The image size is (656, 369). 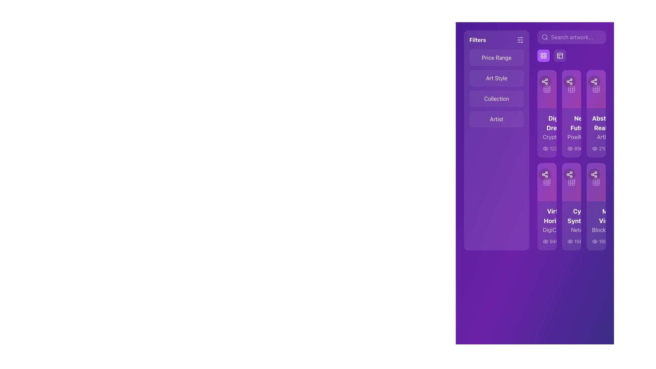 I want to click on numeric label displaying '1567' next to the eye-shaped icon located at the bottom right of the group, so click(x=592, y=241).